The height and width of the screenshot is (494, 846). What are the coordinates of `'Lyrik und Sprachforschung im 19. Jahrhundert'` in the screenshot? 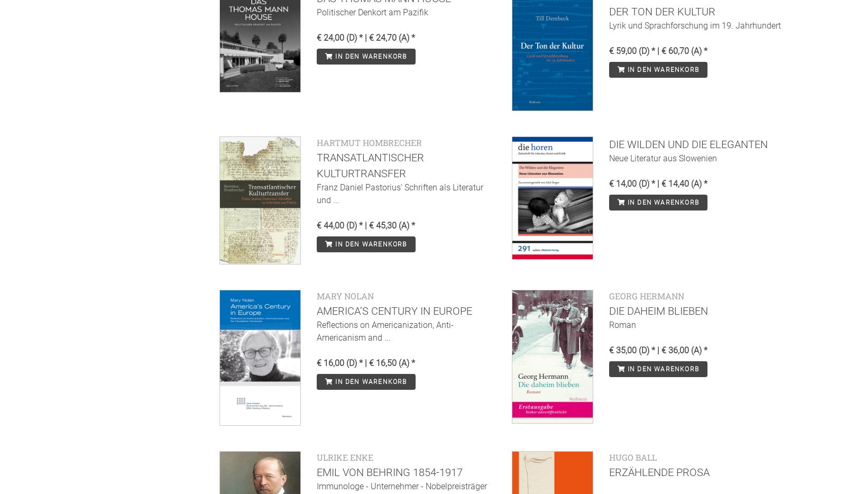 It's located at (694, 24).